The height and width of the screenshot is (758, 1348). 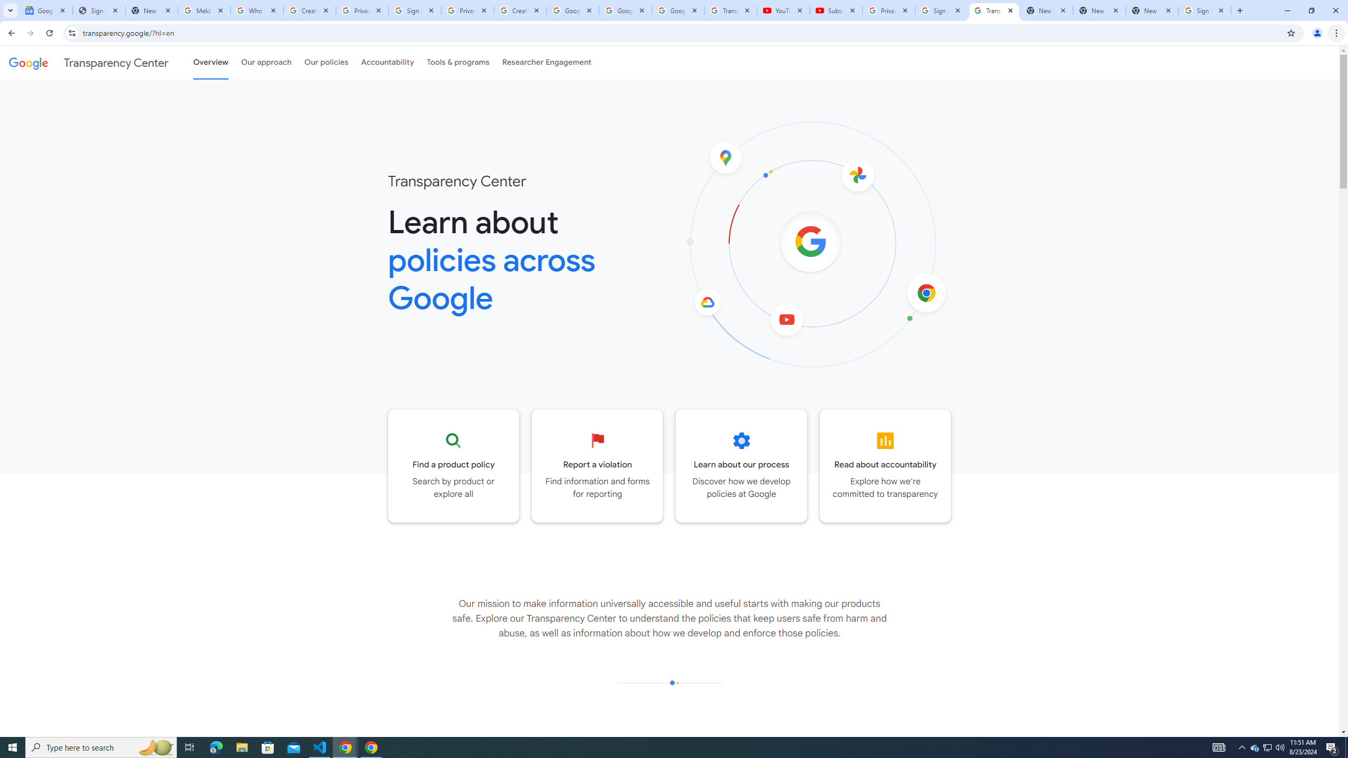 I want to click on 'Go to the Accountability page', so click(x=885, y=465).